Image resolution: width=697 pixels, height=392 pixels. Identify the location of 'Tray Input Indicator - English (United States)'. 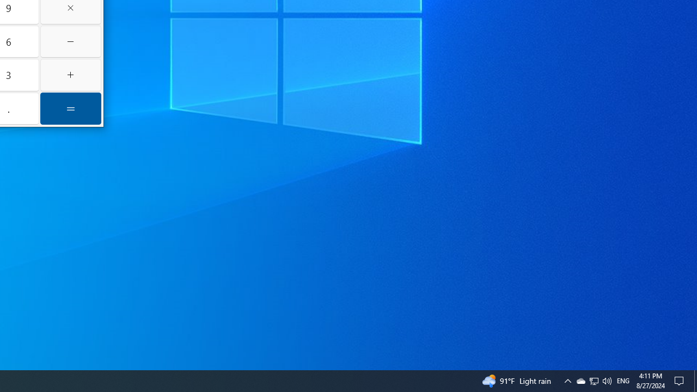
(593, 380).